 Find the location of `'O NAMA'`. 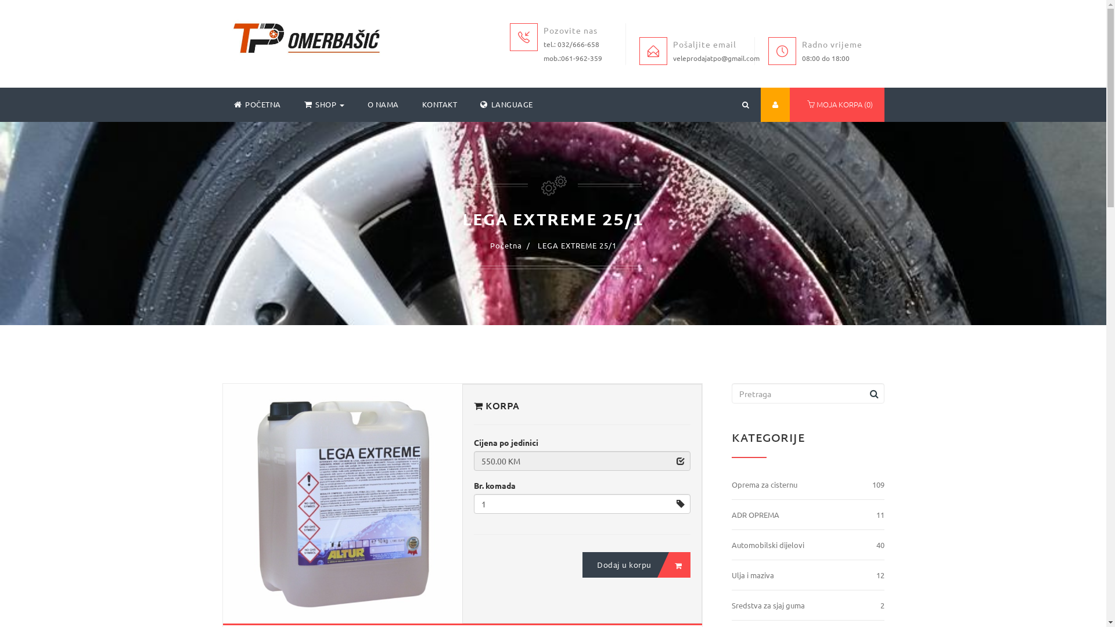

'O NAMA' is located at coordinates (382, 105).